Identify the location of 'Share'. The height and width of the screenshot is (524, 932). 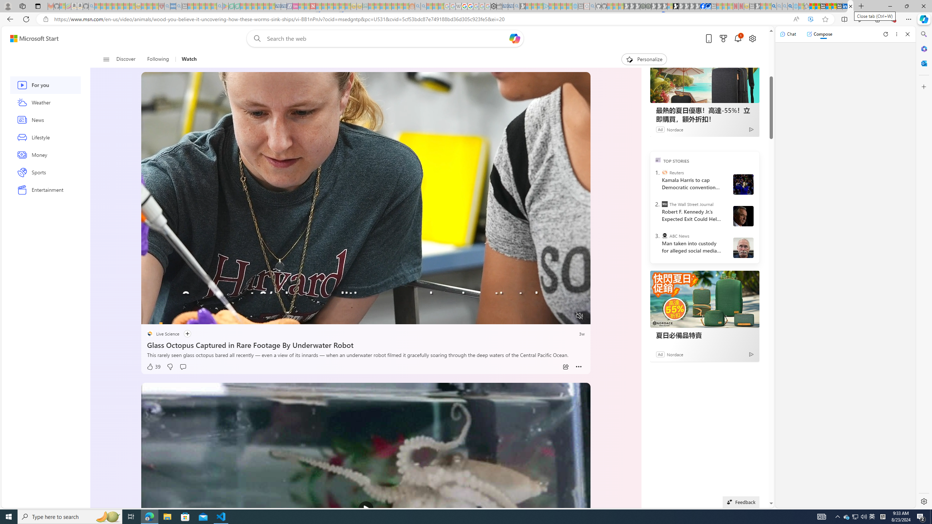
(565, 366).